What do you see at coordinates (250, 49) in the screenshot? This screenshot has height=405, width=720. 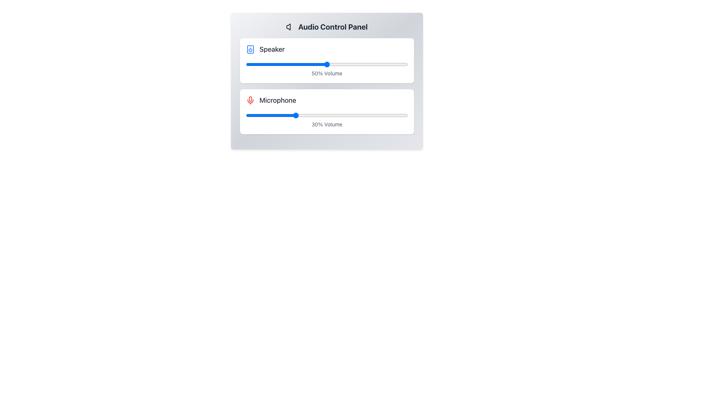 I see `the speaker icon located in the audio control panel, which is aligned to the left of the 'Speaker' label` at bounding box center [250, 49].